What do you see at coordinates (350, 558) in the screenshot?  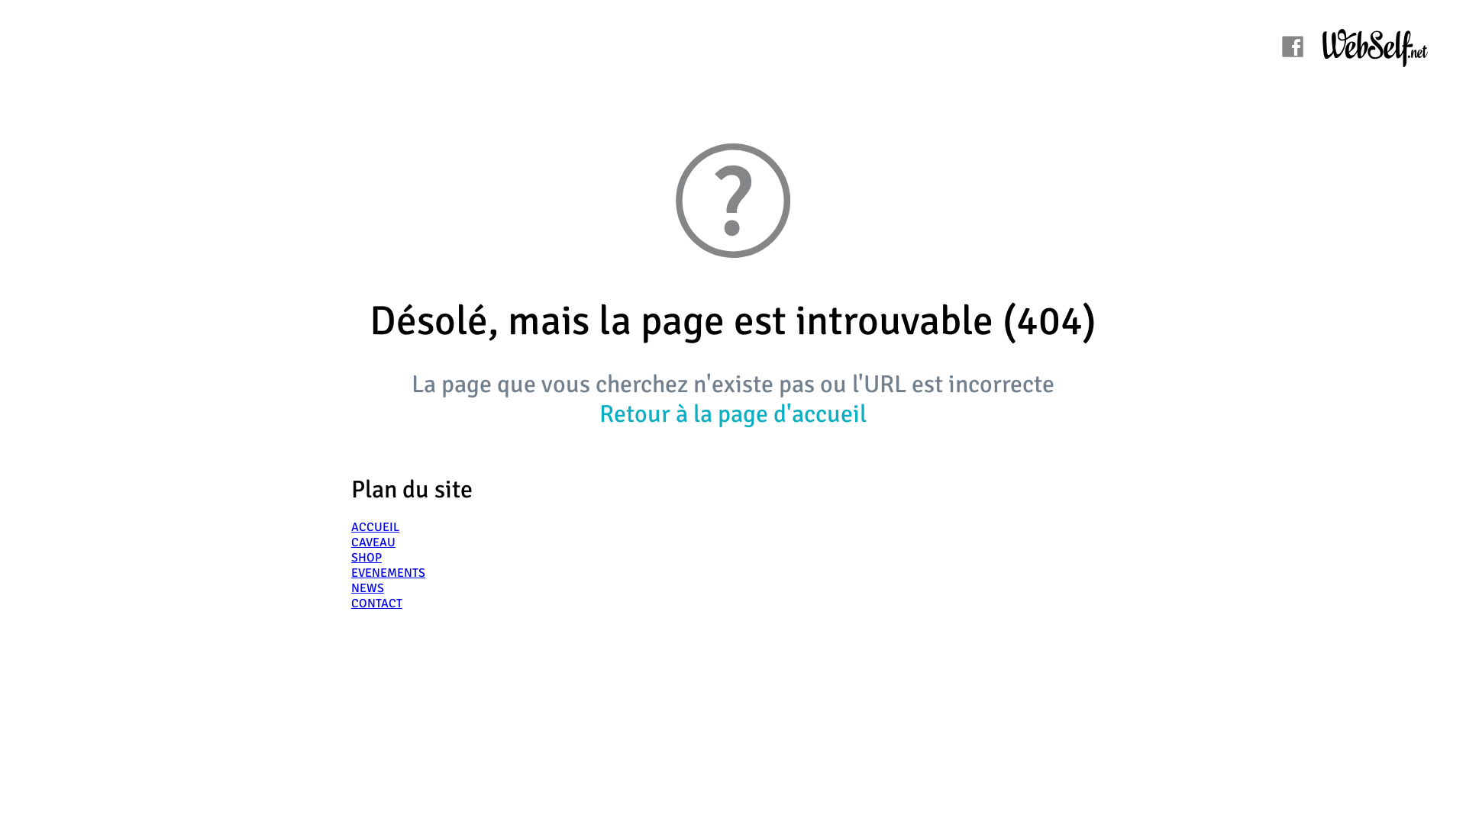 I see `'SHOP'` at bounding box center [350, 558].